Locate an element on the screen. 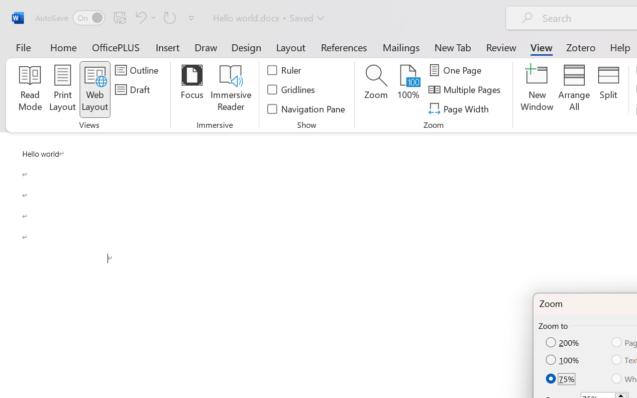 The image size is (637, 398). 'Home' is located at coordinates (63, 47).